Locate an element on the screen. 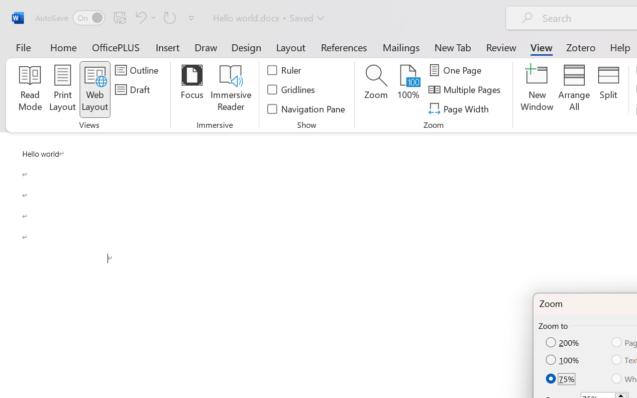 The image size is (637, 398). 'Home' is located at coordinates (63, 47).